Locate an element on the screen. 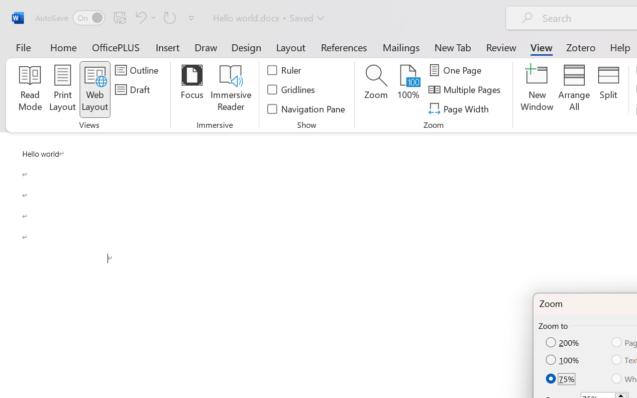 The image size is (637, 398). 'Home' is located at coordinates (63, 47).